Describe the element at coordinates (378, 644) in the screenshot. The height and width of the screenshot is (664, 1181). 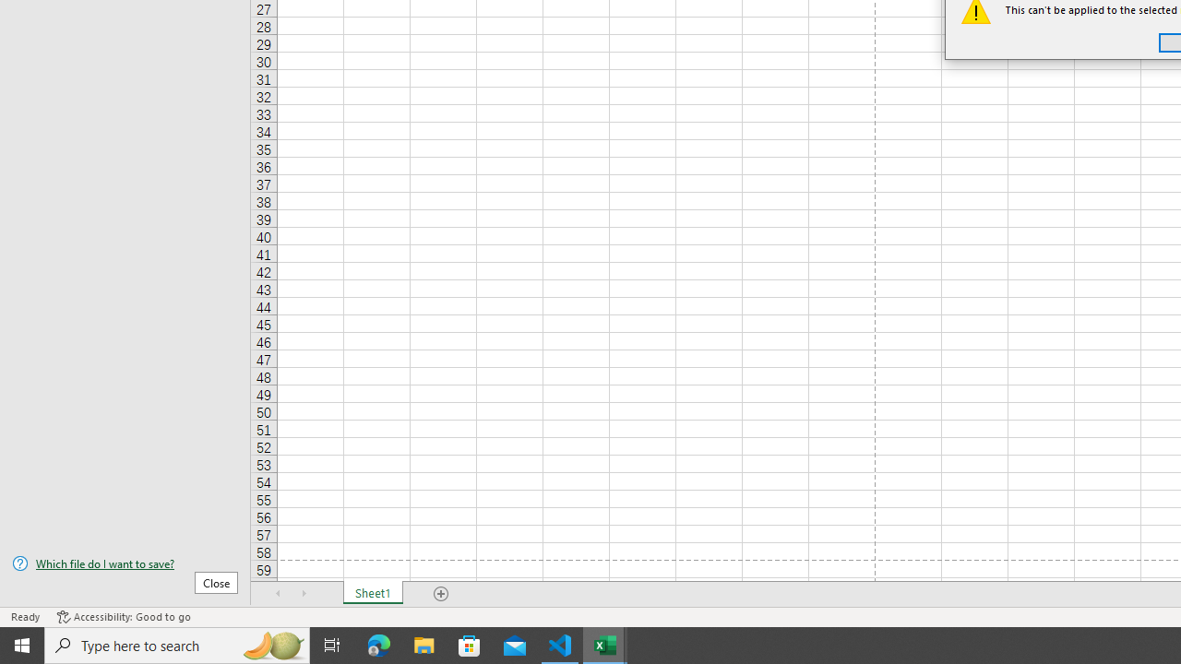
I see `'Microsoft Edge'` at that location.